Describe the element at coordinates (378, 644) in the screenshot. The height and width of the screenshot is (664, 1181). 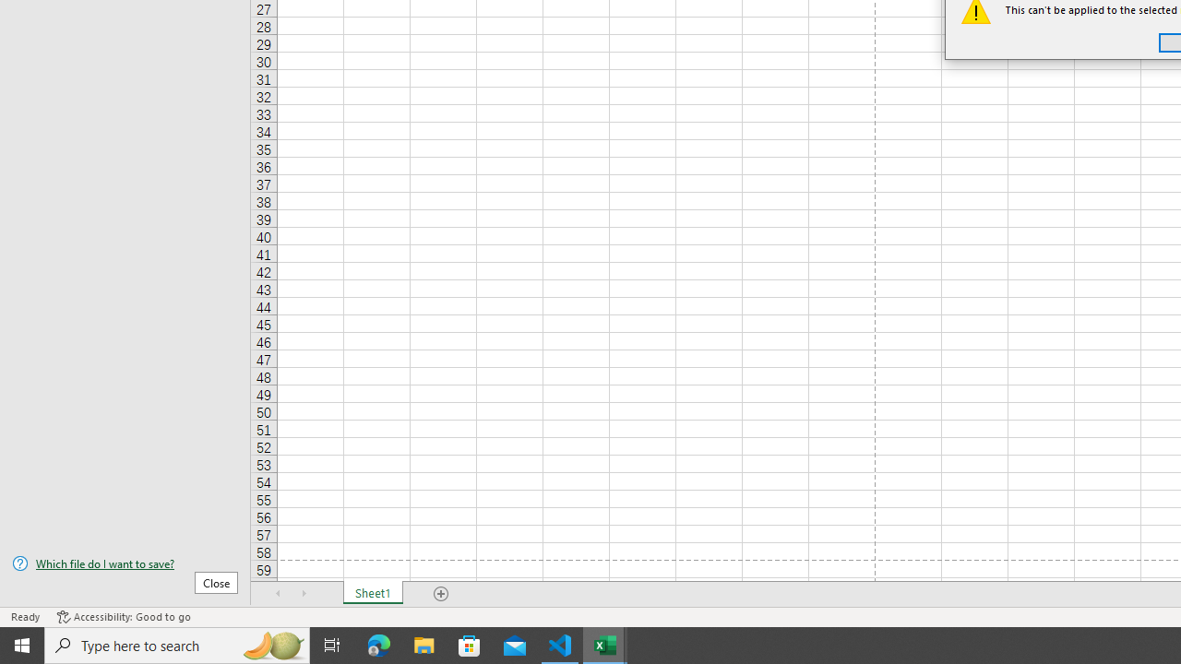
I see `'Microsoft Edge'` at that location.